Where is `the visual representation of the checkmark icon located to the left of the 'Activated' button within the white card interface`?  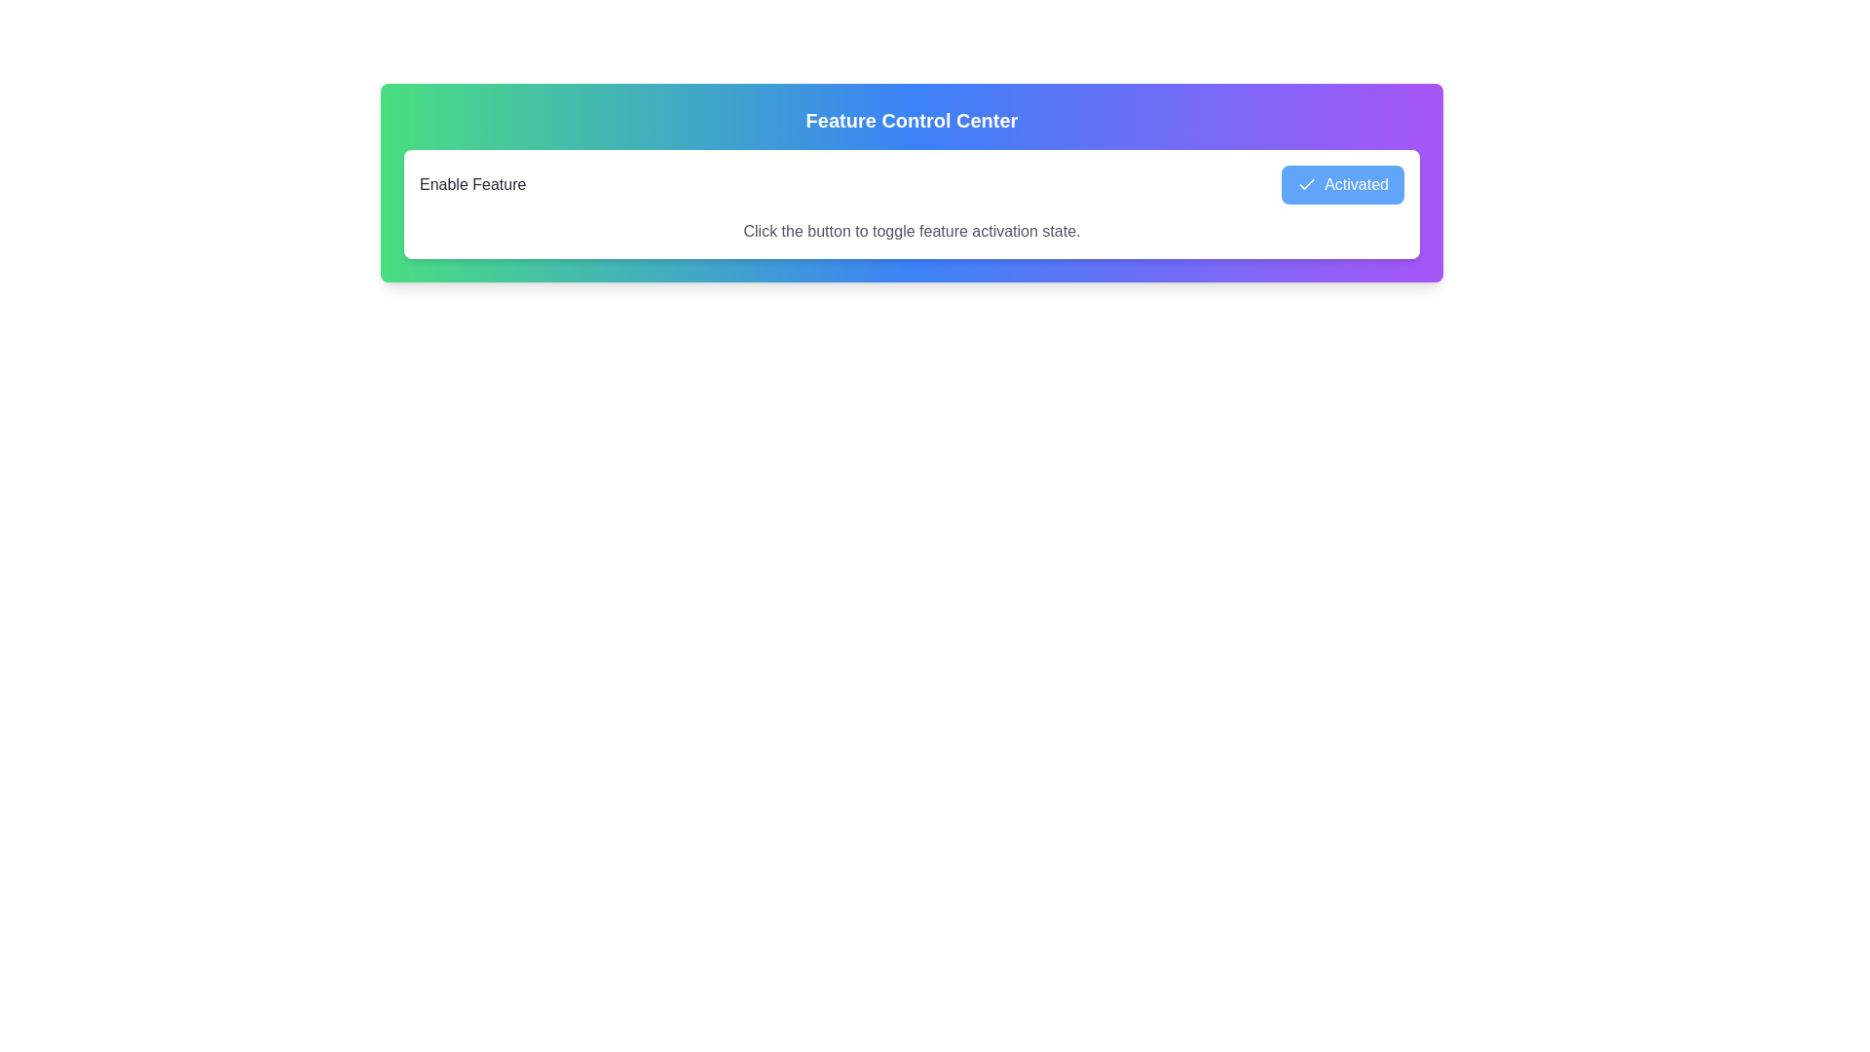 the visual representation of the checkmark icon located to the left of the 'Activated' button within the white card interface is located at coordinates (1307, 184).